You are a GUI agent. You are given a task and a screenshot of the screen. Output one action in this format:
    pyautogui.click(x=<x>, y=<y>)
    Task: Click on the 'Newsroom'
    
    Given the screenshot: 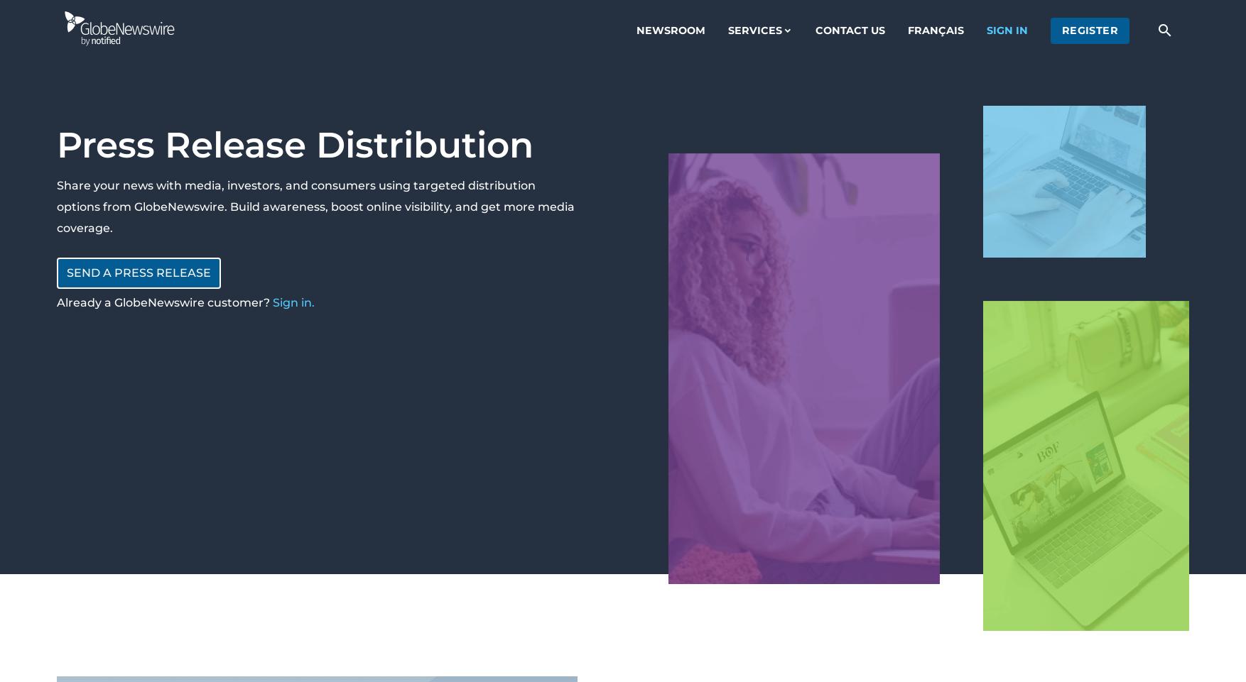 What is the action you would take?
    pyautogui.click(x=670, y=28)
    